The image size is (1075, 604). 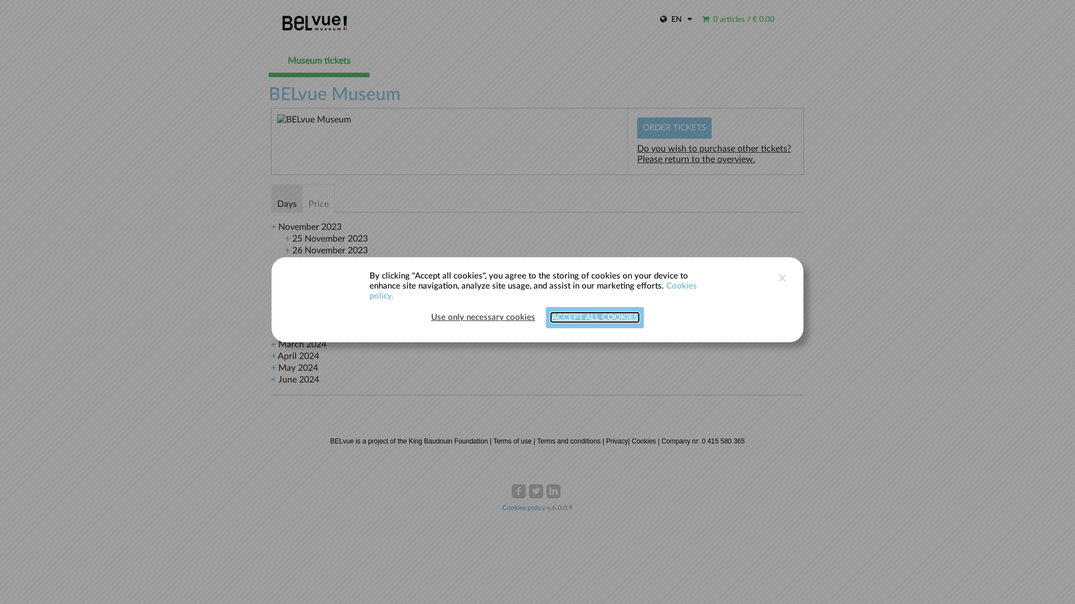 I want to click on '+', so click(x=273, y=344).